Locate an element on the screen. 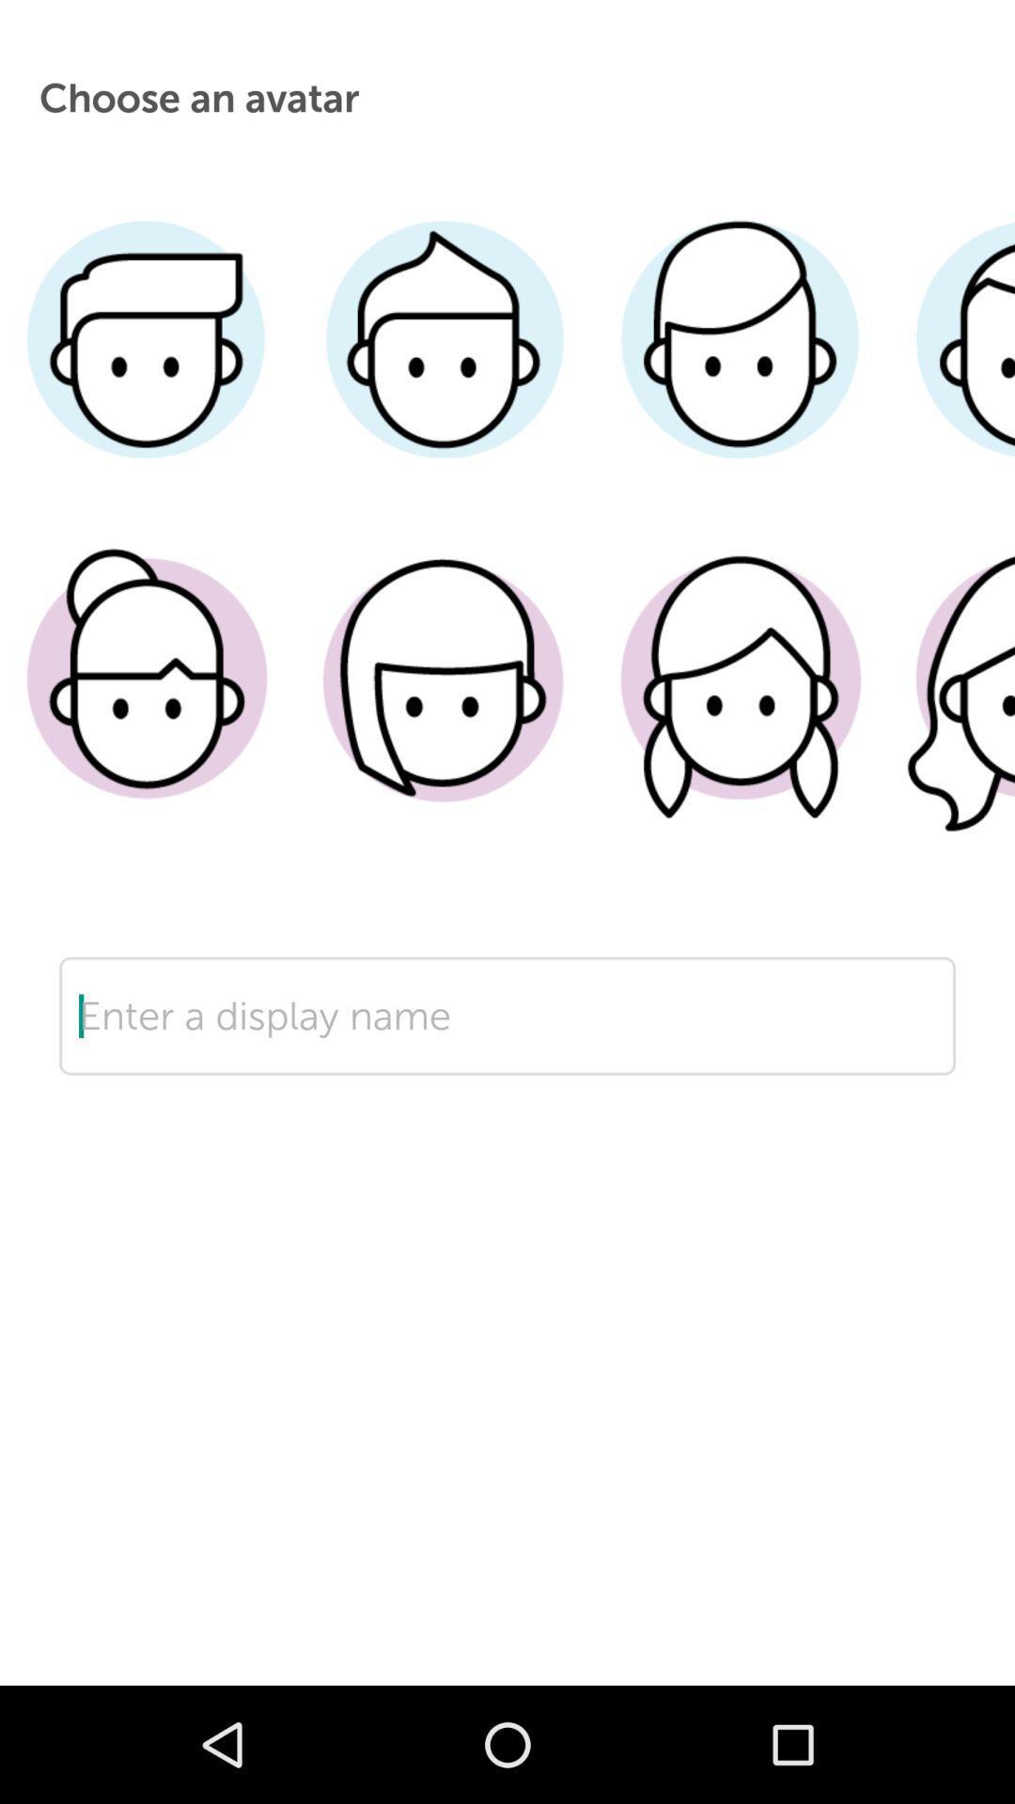  choose fourth female avatar is located at coordinates (951, 707).